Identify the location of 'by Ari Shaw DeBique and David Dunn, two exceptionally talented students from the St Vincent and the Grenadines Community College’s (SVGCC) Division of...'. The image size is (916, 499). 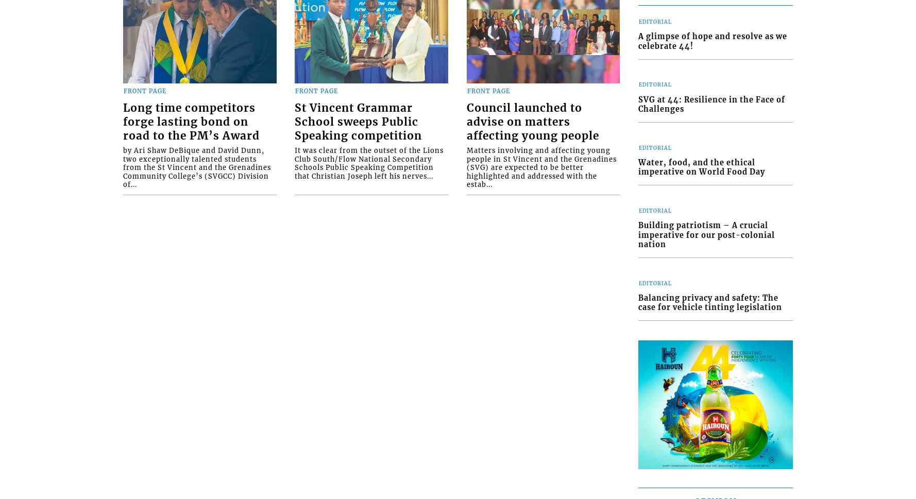
(197, 166).